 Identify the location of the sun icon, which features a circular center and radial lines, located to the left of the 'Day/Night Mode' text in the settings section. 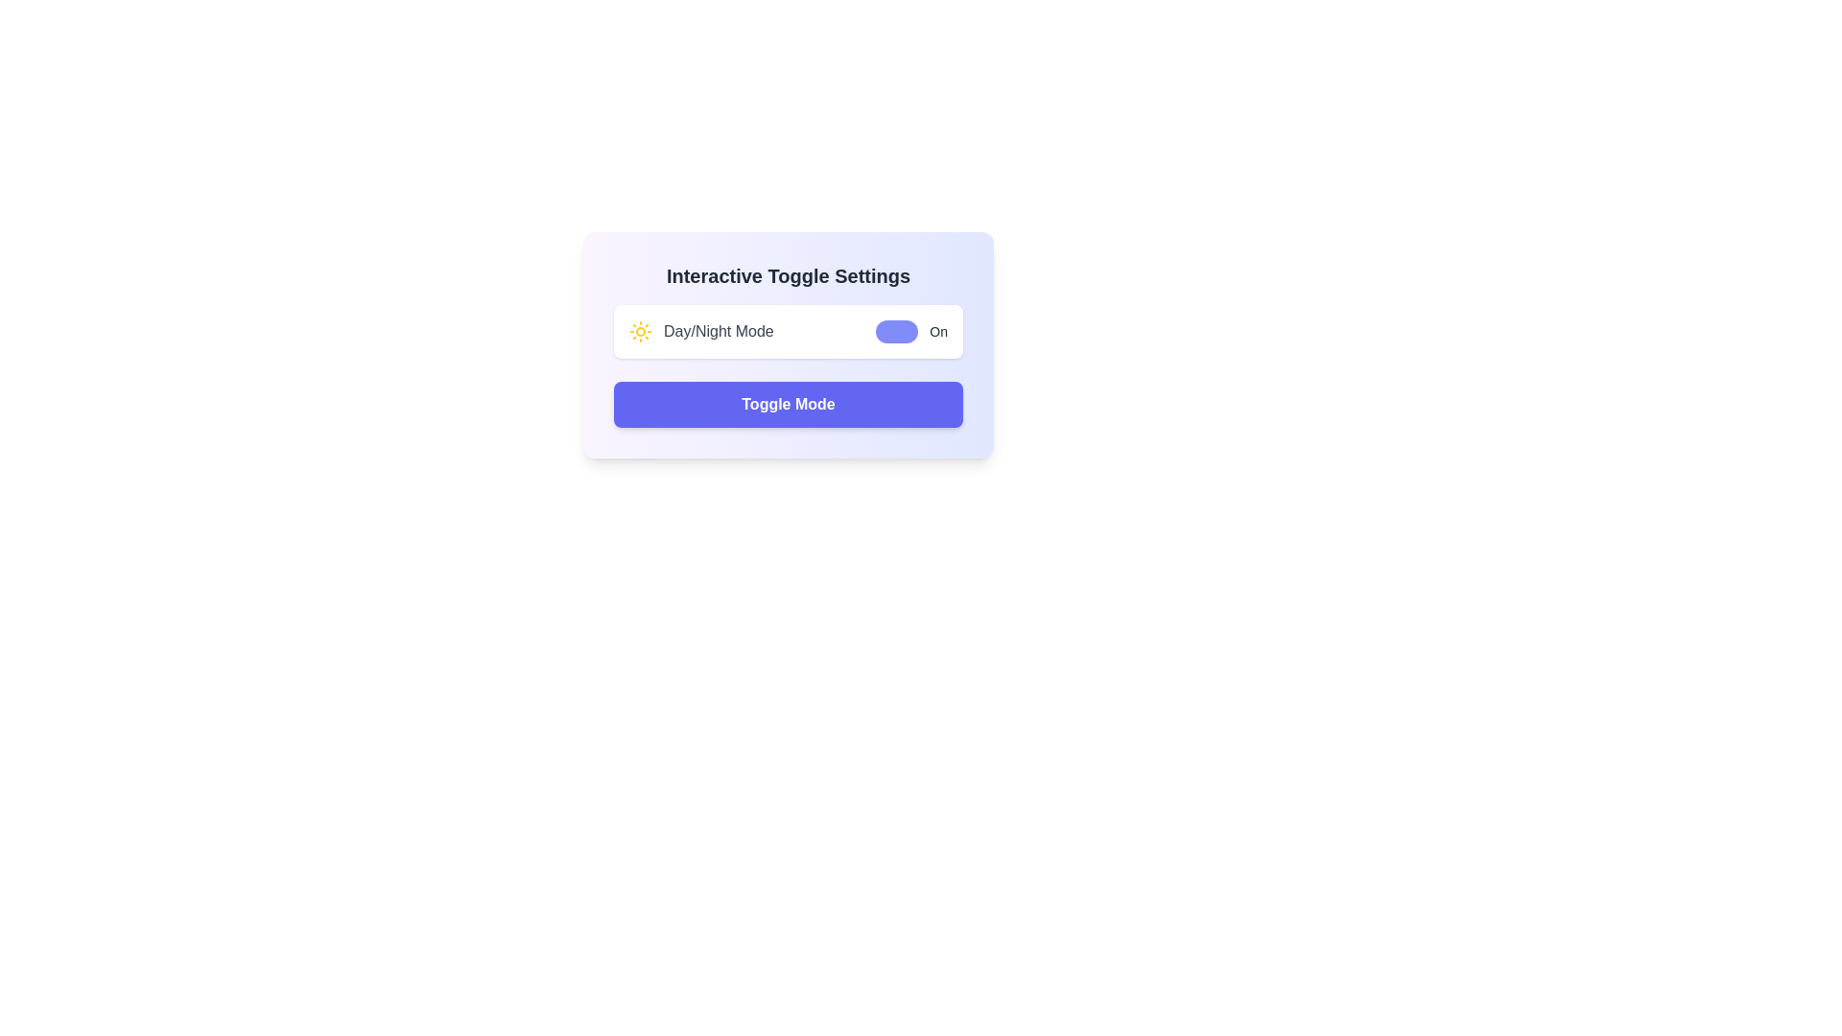
(640, 331).